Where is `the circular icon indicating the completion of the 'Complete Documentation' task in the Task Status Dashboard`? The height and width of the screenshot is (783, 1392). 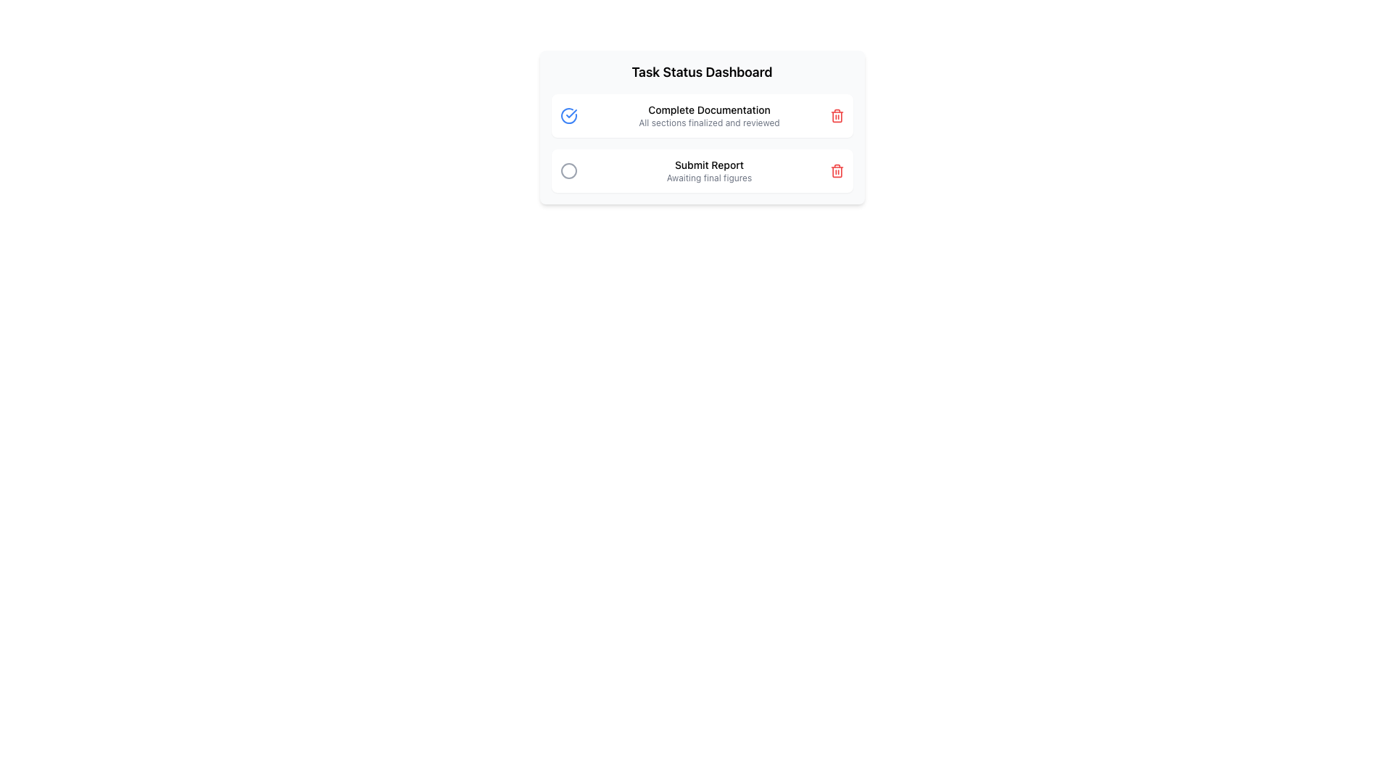
the circular icon indicating the completion of the 'Complete Documentation' task in the Task Status Dashboard is located at coordinates (570, 113).